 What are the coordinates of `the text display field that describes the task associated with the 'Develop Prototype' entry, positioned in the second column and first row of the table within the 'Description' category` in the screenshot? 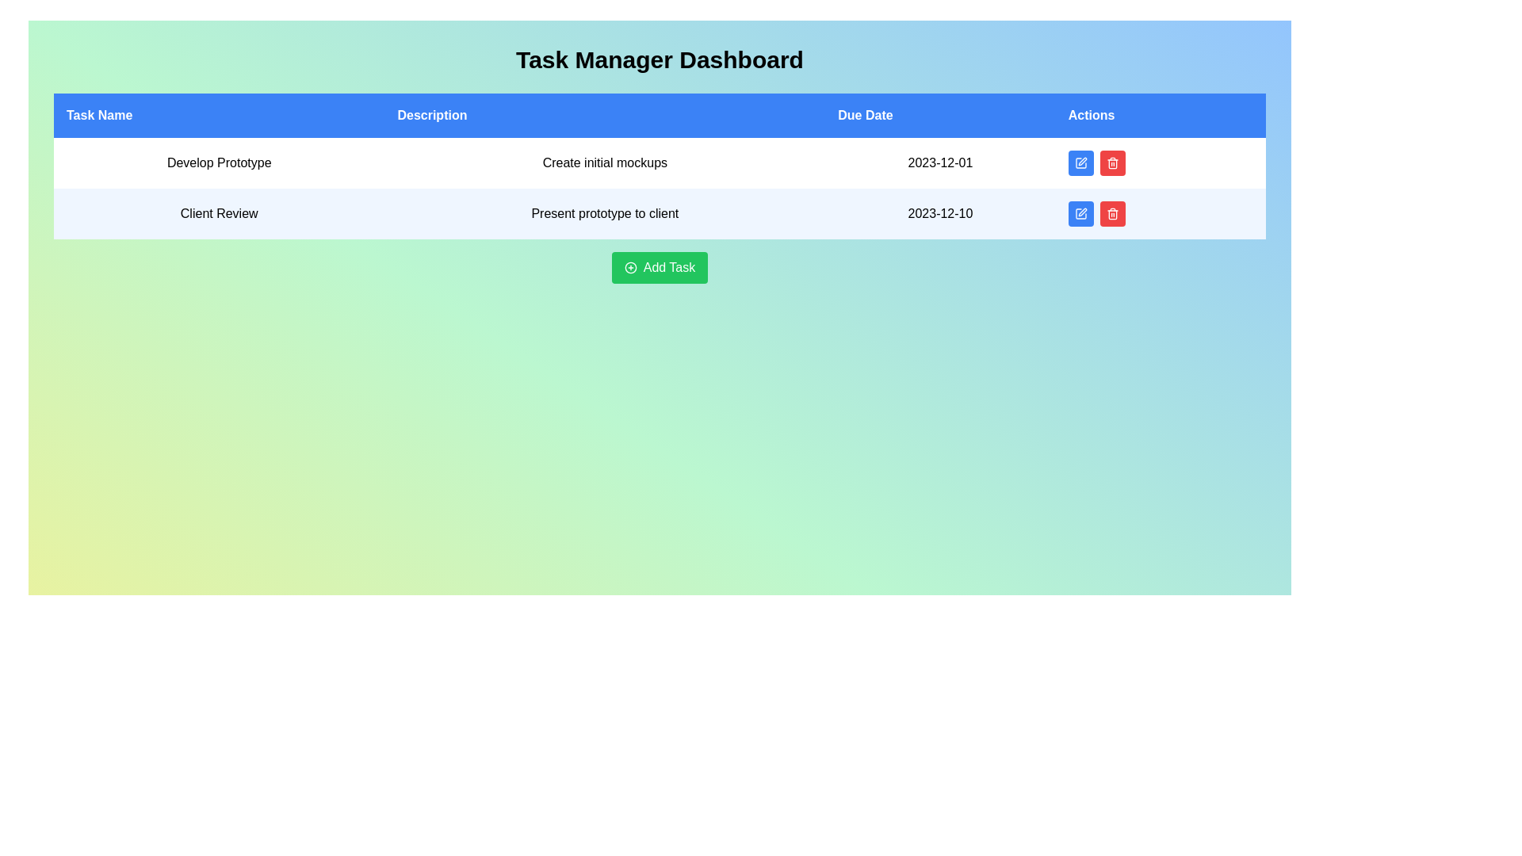 It's located at (604, 162).